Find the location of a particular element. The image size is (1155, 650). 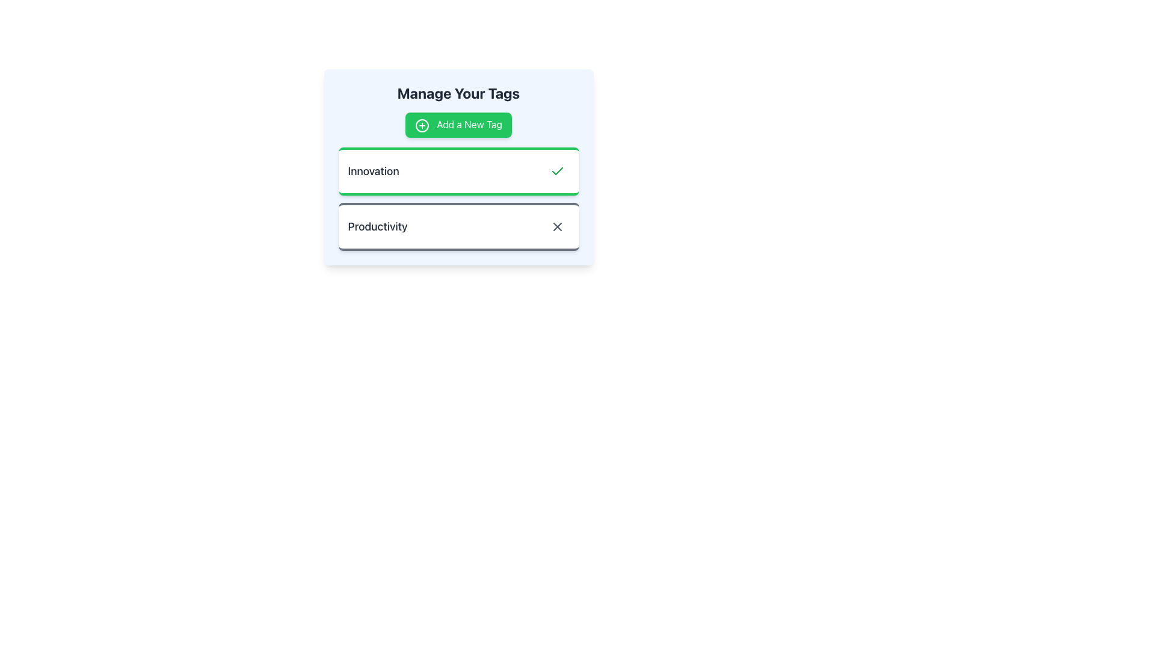

the Close or delete button located to the right of the 'Productivity' tag in the second row of the Manage Your Tags card is located at coordinates (556, 226).